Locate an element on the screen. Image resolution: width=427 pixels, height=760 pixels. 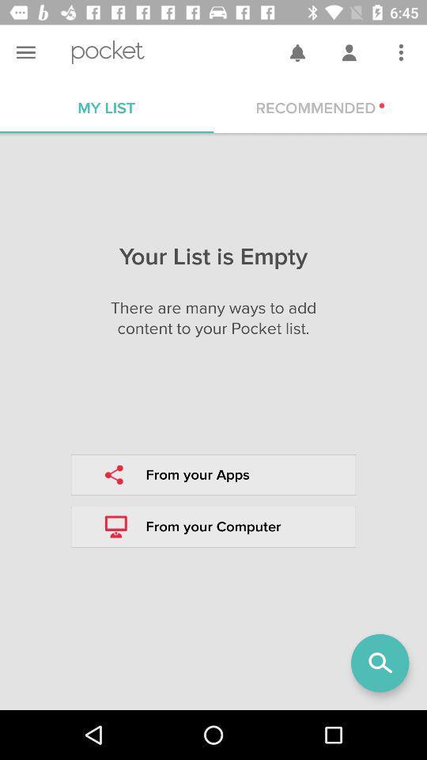
symbol beside profile symbol is located at coordinates (297, 52).